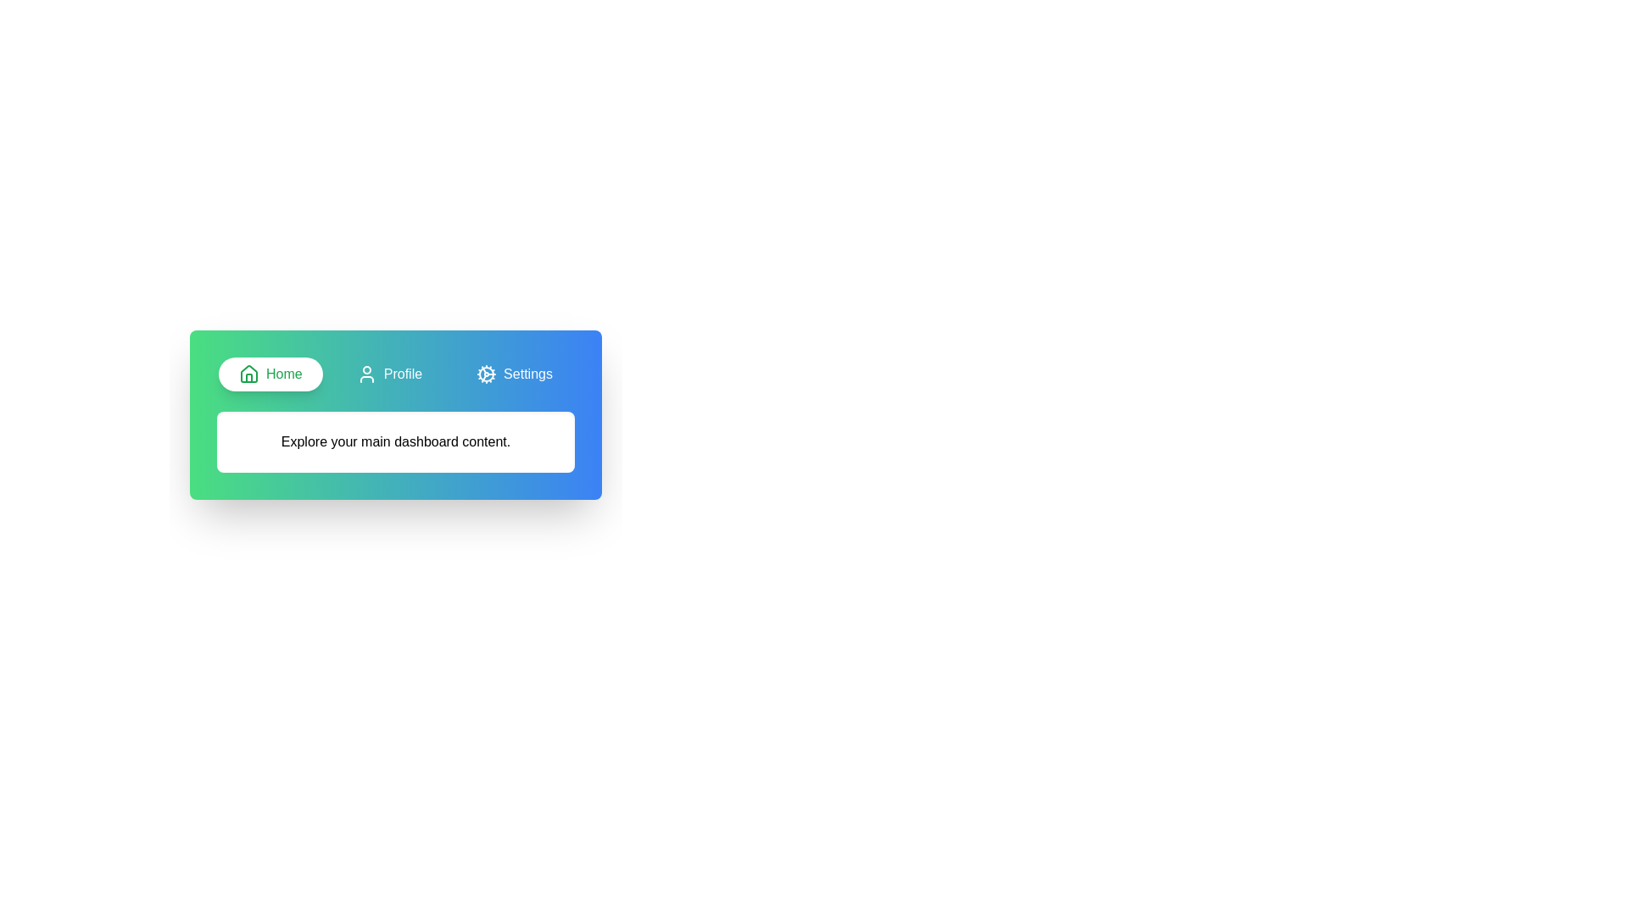  Describe the element at coordinates (513, 374) in the screenshot. I see `the Settings tab` at that location.